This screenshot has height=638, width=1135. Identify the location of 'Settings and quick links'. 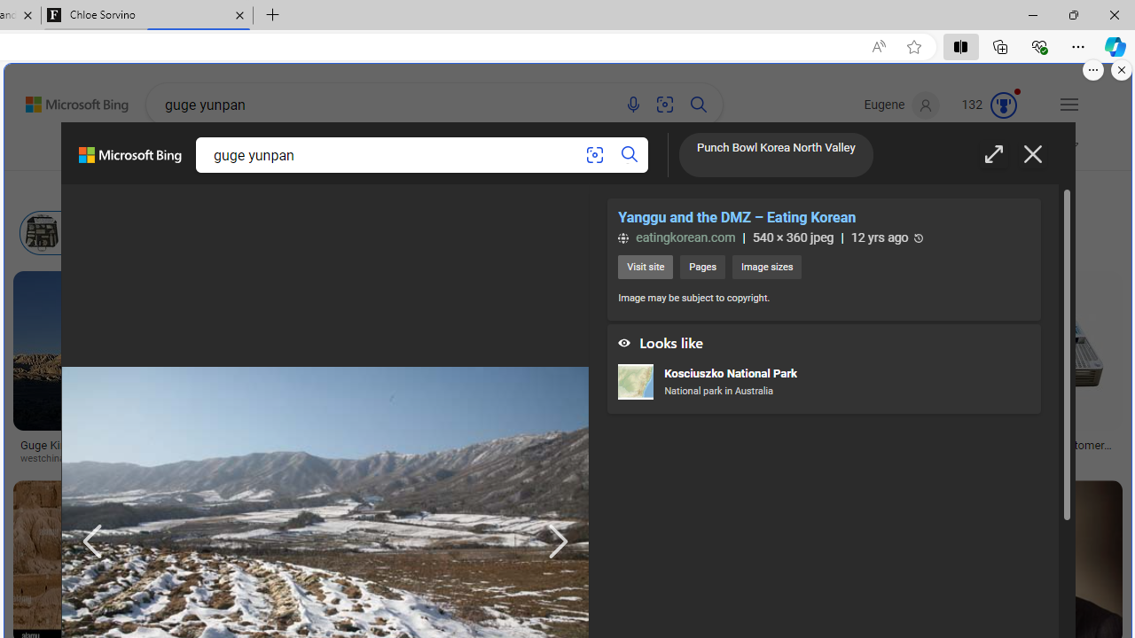
(1068, 105).